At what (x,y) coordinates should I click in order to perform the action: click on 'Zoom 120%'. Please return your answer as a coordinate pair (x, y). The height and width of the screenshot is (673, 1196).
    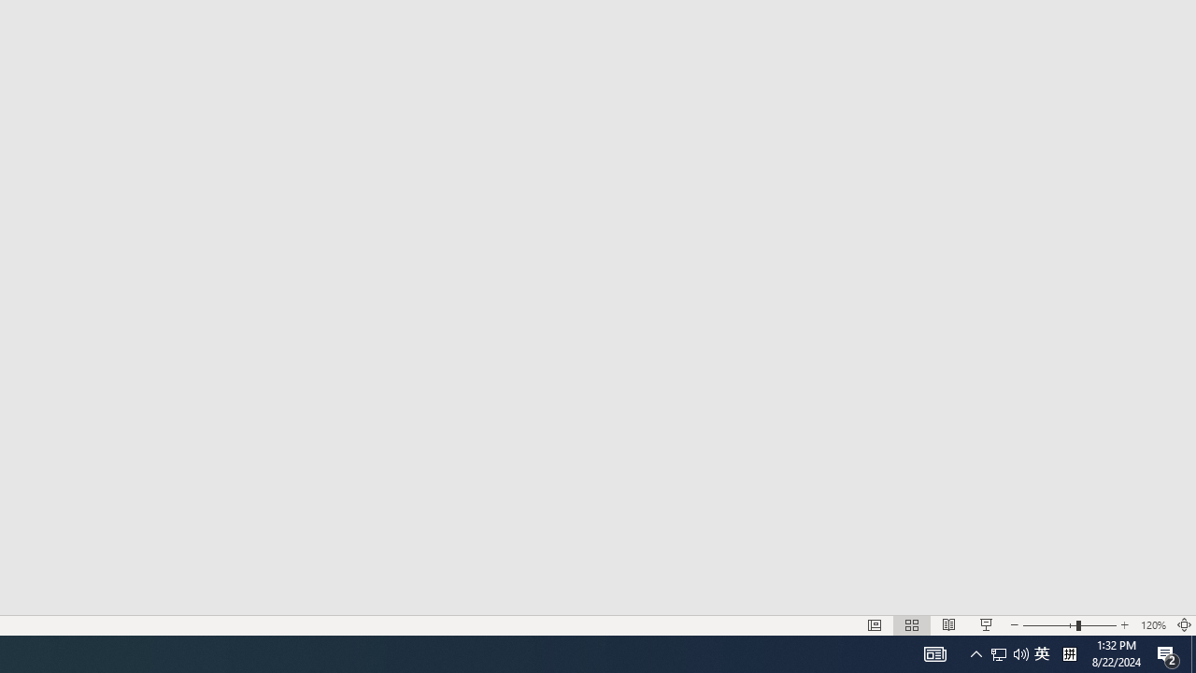
    Looking at the image, I should click on (1152, 625).